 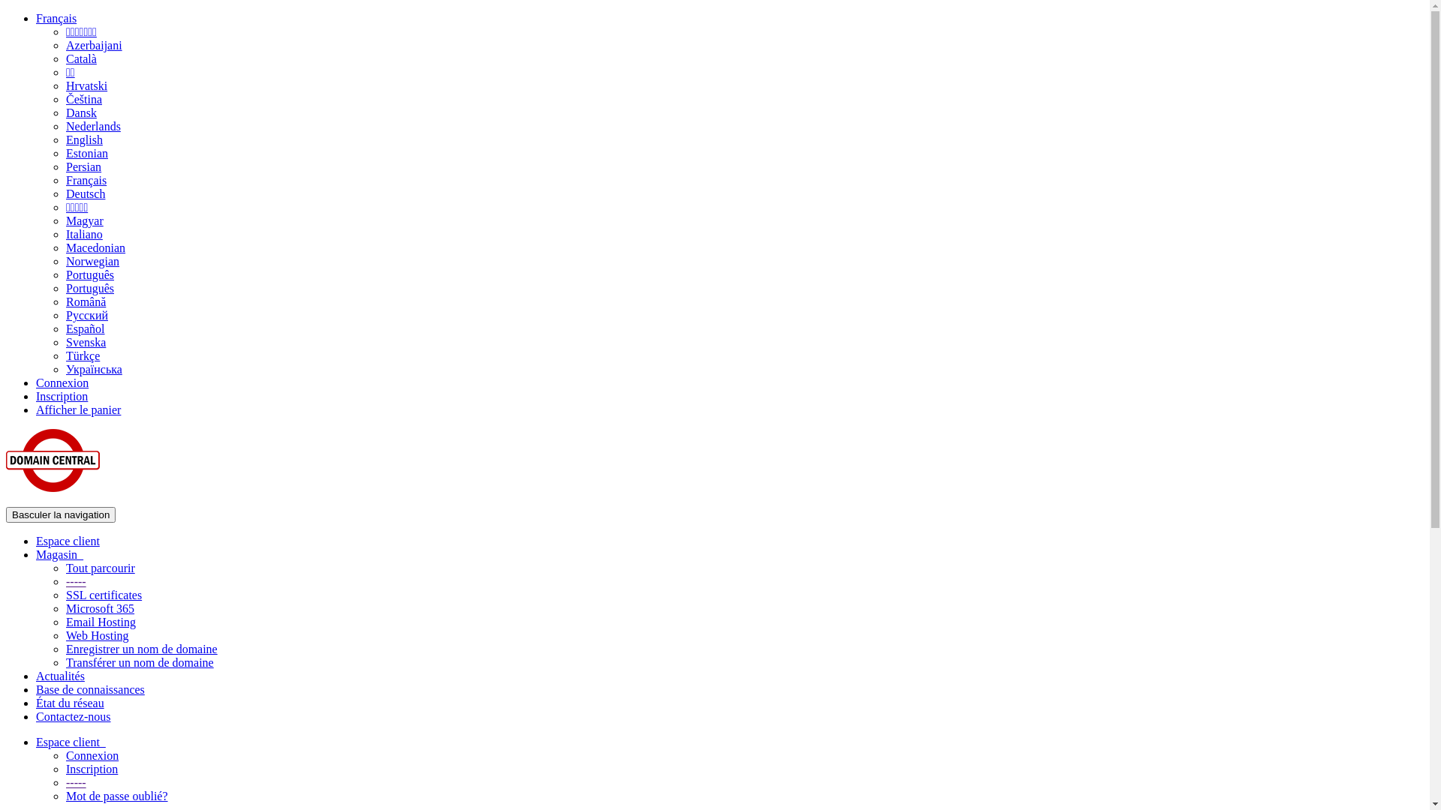 I want to click on 'Domain Central ANZ', so click(x=6, y=459).